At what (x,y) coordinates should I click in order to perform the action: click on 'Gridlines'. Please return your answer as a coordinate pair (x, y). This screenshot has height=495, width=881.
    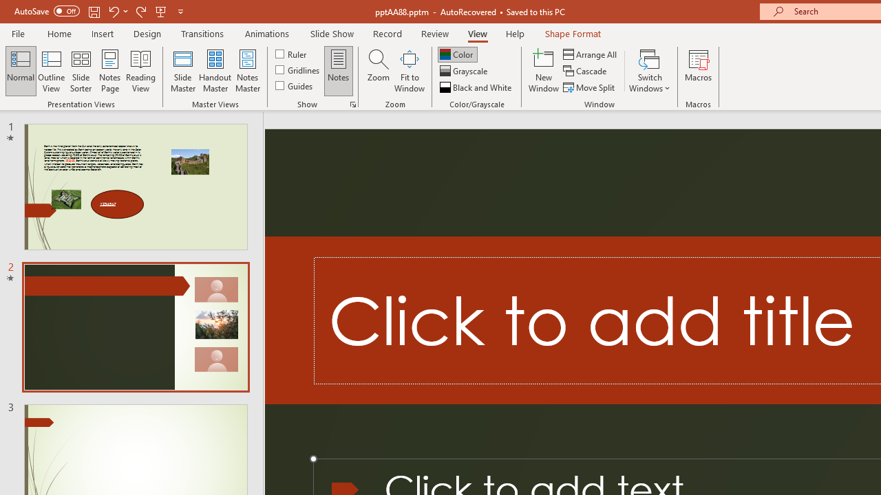
    Looking at the image, I should click on (297, 69).